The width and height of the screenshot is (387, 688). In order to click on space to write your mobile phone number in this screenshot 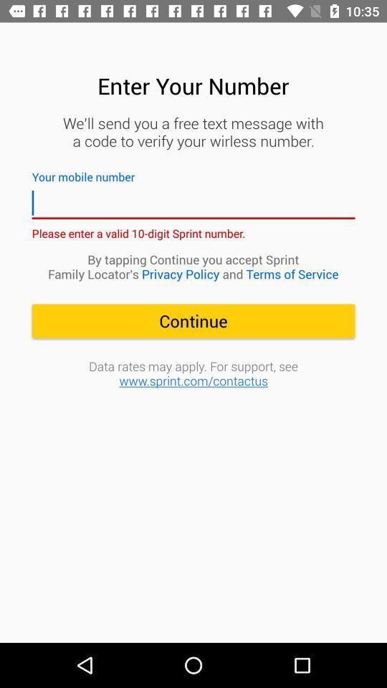, I will do `click(193, 202)`.